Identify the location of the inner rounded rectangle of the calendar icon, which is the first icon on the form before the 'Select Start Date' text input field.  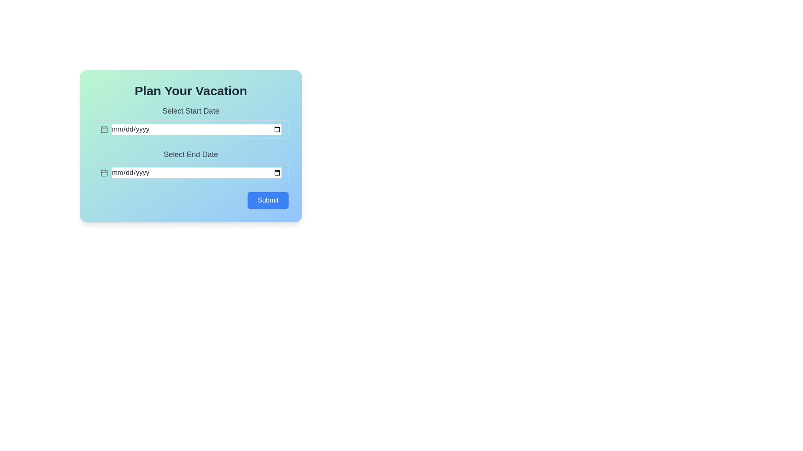
(104, 129).